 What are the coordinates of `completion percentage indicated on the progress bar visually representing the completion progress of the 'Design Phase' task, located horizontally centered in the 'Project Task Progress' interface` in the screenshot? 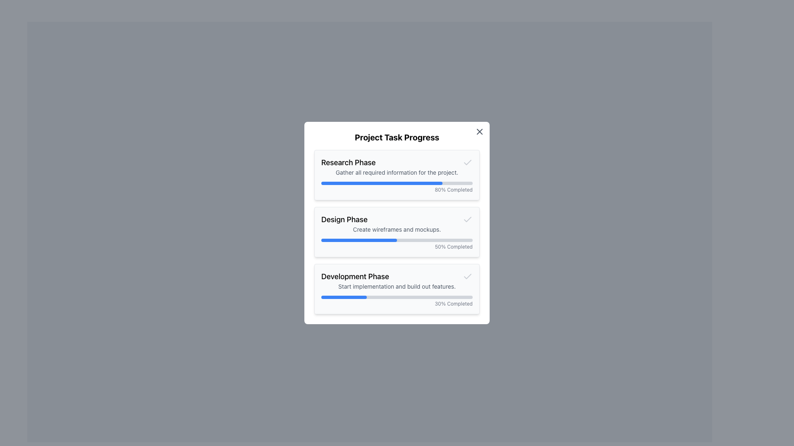 It's located at (397, 240).